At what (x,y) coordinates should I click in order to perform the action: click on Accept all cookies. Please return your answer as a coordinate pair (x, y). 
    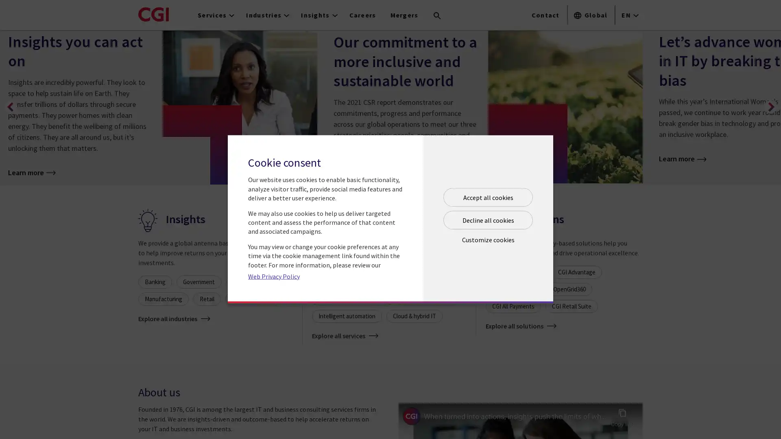
    Looking at the image, I should click on (488, 197).